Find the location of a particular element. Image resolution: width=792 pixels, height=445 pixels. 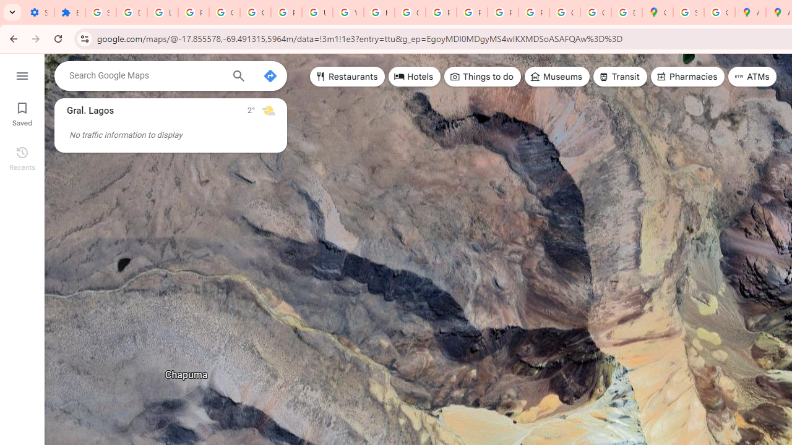

'Menu' is located at coordinates (22, 74).